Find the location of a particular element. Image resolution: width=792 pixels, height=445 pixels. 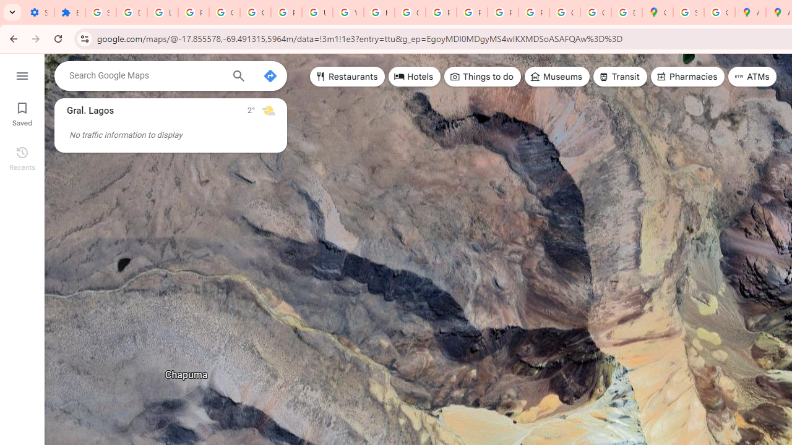

'Menu' is located at coordinates (22, 74).